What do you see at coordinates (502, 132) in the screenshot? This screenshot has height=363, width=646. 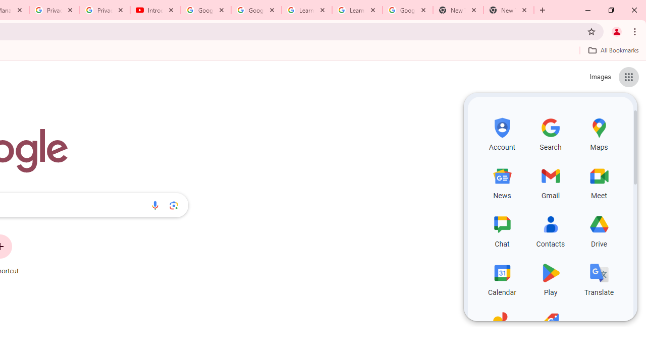 I see `'Account, row 1 of 5 and column 1 of 3 in the first section'` at bounding box center [502, 132].